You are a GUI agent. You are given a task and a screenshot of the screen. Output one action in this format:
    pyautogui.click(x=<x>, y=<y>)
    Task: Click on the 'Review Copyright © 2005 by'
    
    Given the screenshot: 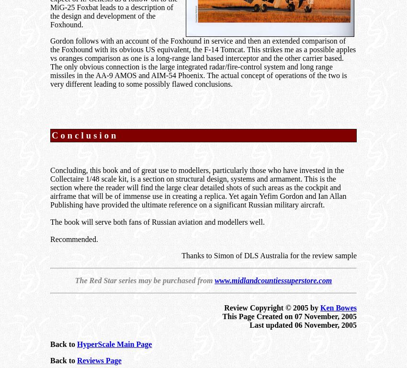 What is the action you would take?
    pyautogui.click(x=272, y=307)
    